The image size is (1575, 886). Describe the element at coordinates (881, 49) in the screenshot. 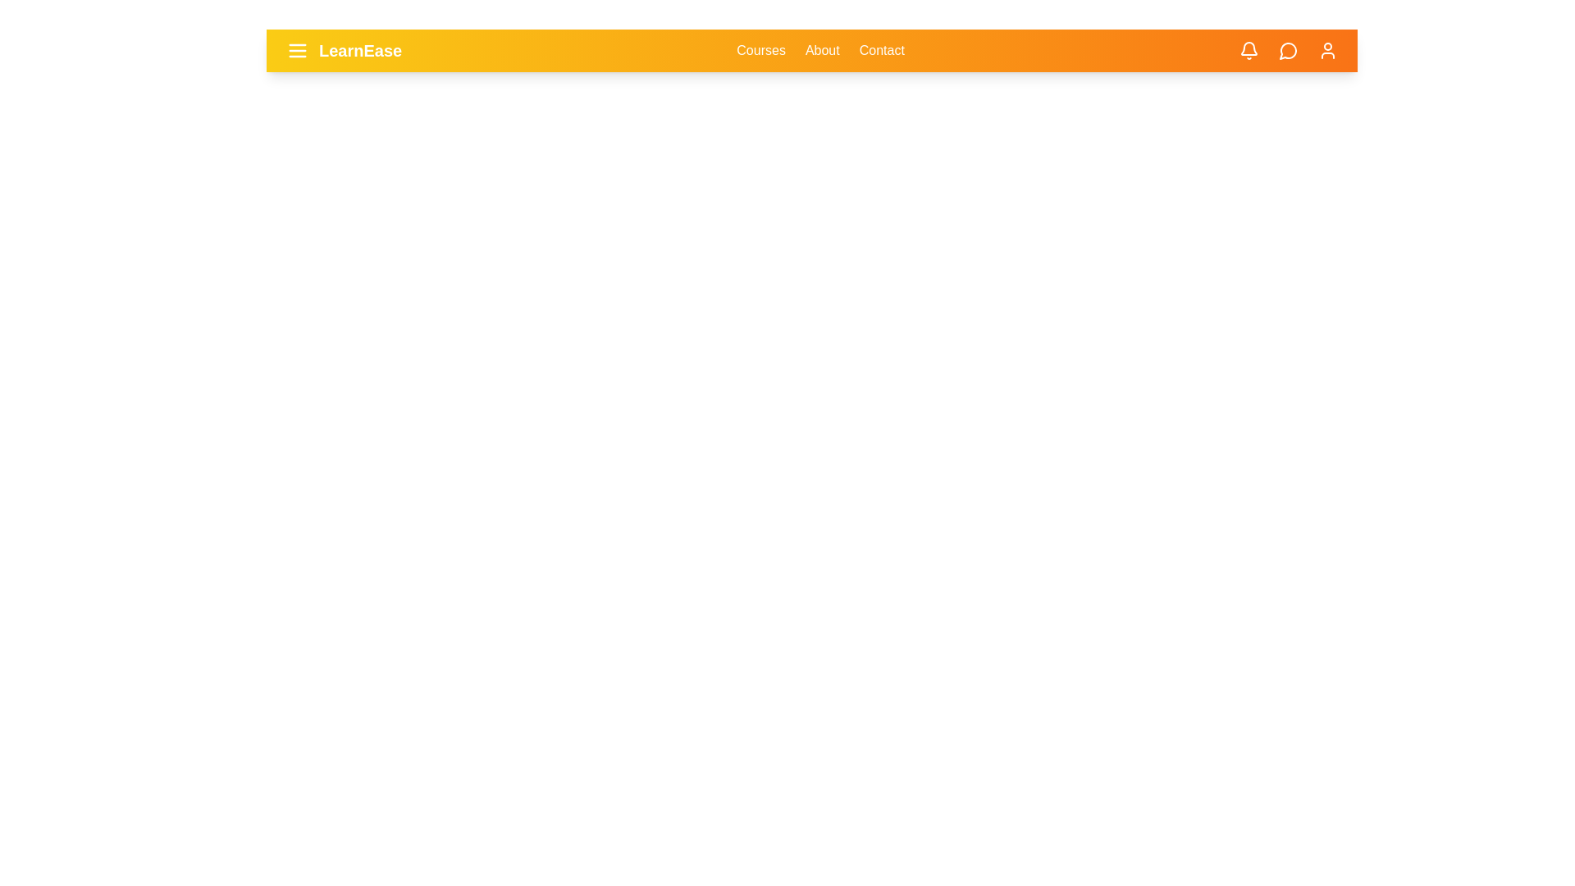

I see `the 'Contact' link to navigate to the 'Contact' page` at that location.